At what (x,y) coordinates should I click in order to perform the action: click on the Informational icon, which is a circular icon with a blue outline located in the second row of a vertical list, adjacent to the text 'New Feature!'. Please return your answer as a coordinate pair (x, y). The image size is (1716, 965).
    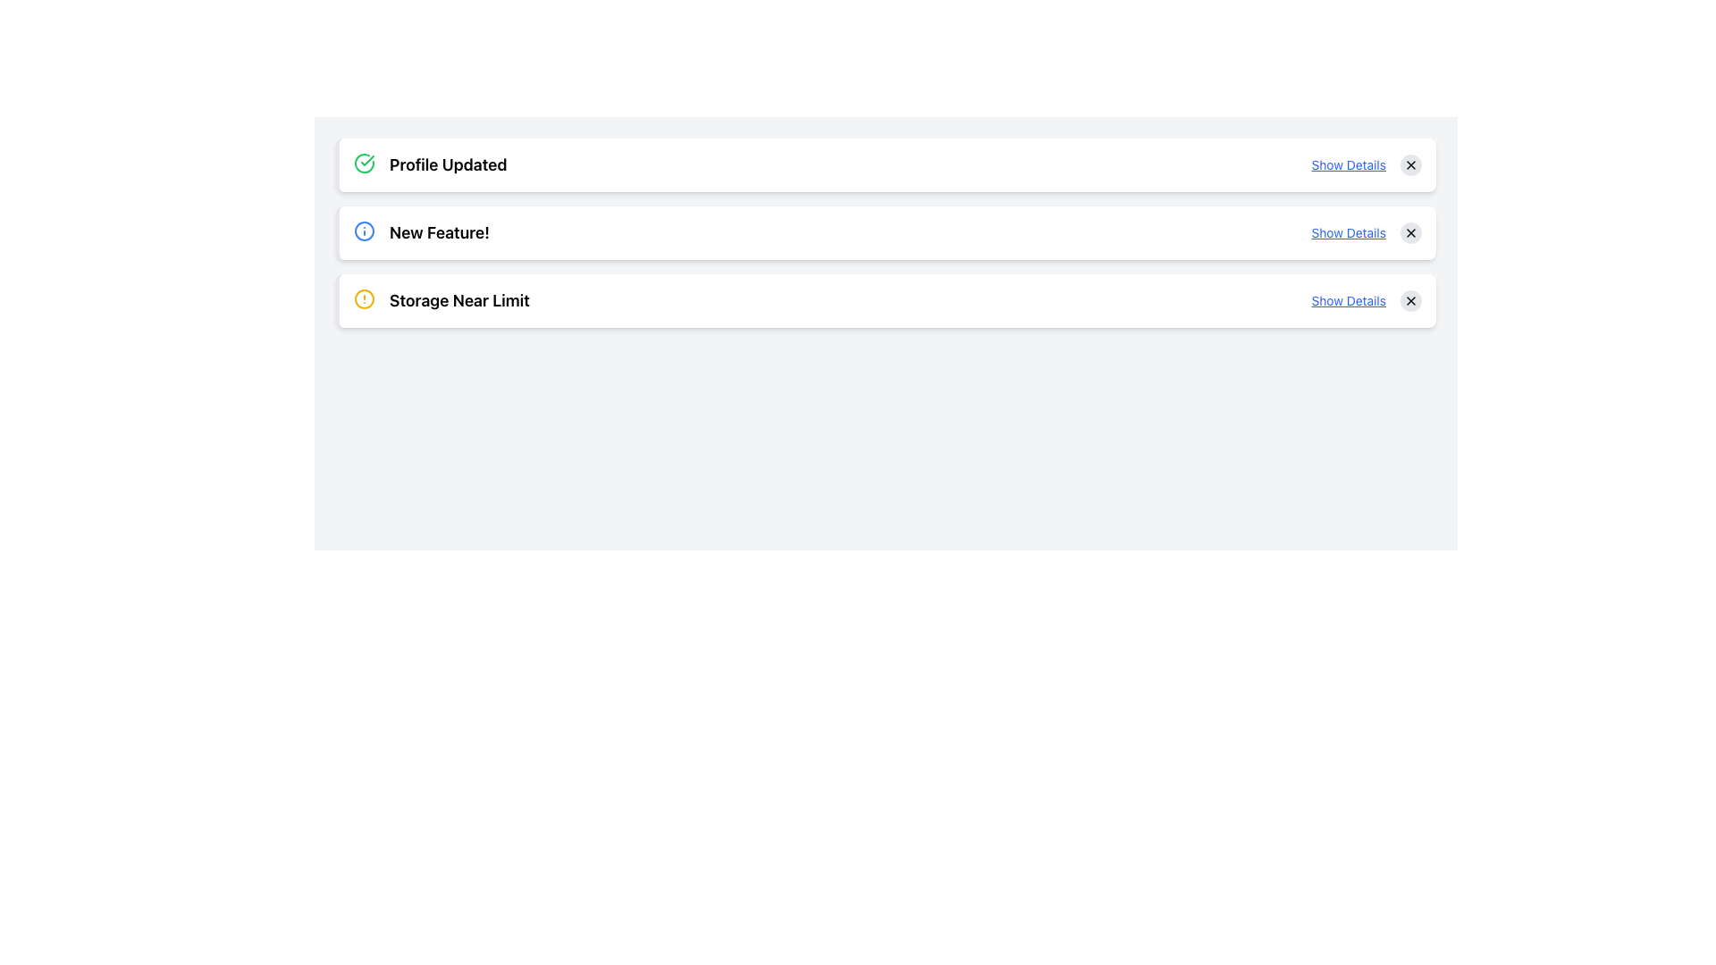
    Looking at the image, I should click on (364, 230).